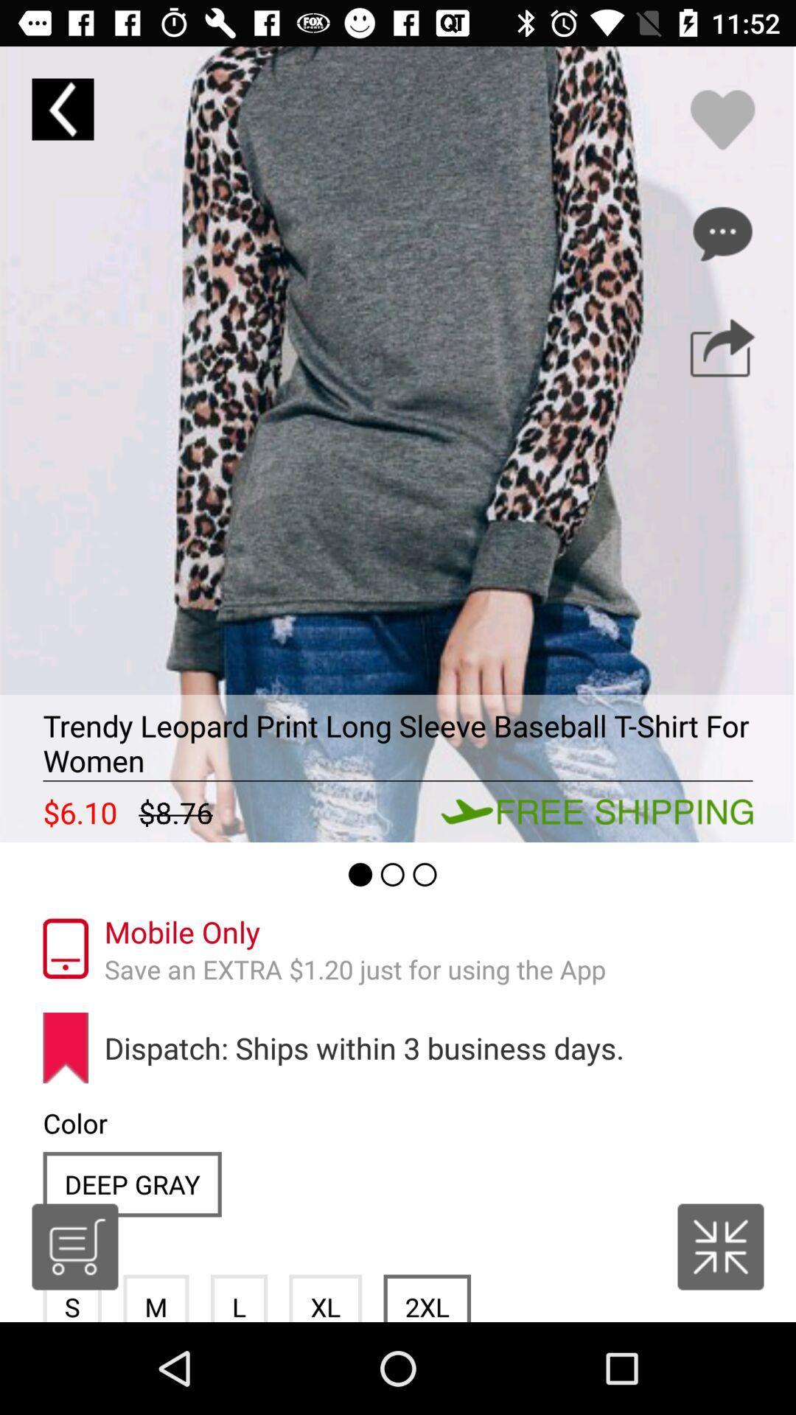 The image size is (796, 1415). I want to click on open shopping cart, so click(74, 1246).